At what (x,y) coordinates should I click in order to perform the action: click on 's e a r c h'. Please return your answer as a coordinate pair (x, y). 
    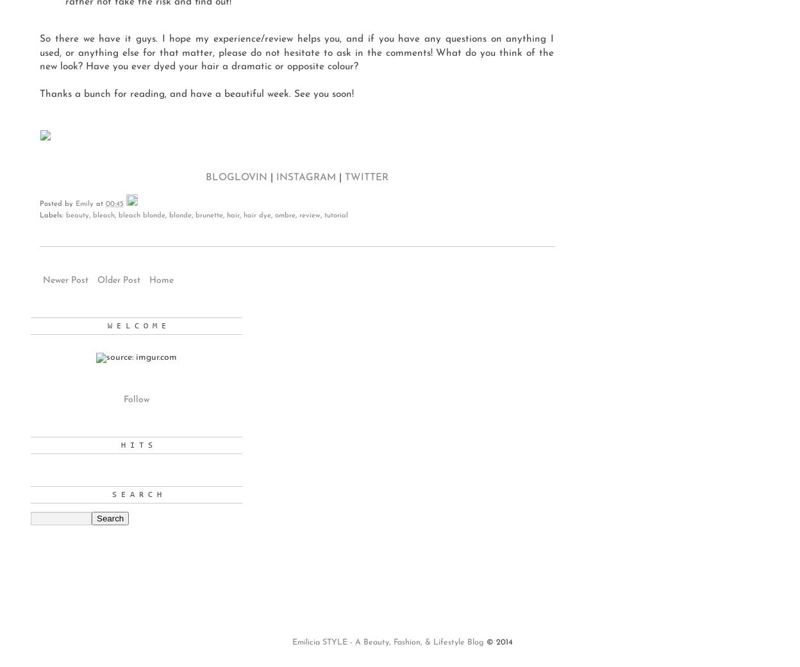
    Looking at the image, I should click on (136, 494).